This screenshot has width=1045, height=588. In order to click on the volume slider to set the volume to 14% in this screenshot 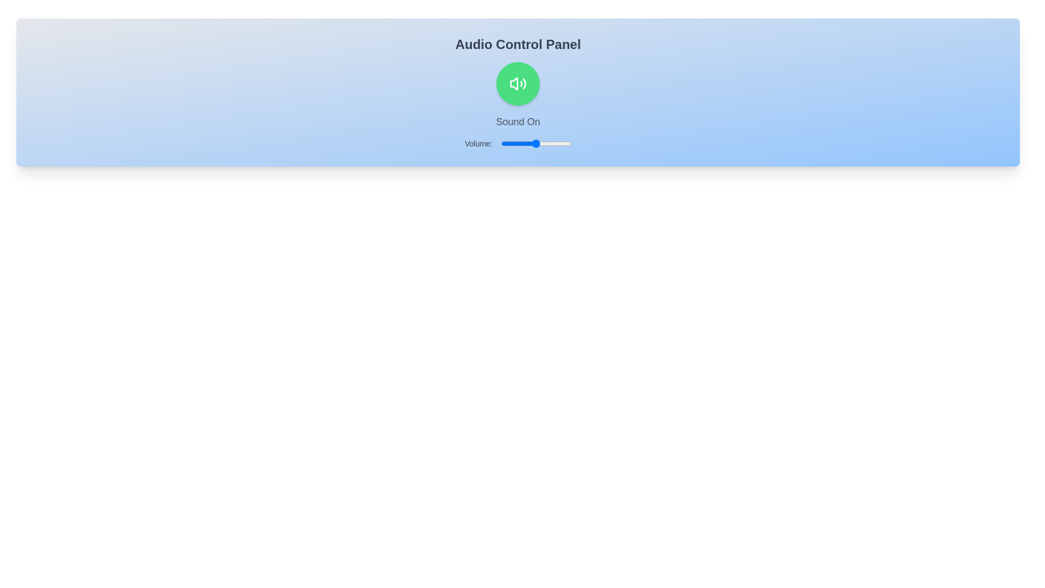, I will do `click(510, 143)`.